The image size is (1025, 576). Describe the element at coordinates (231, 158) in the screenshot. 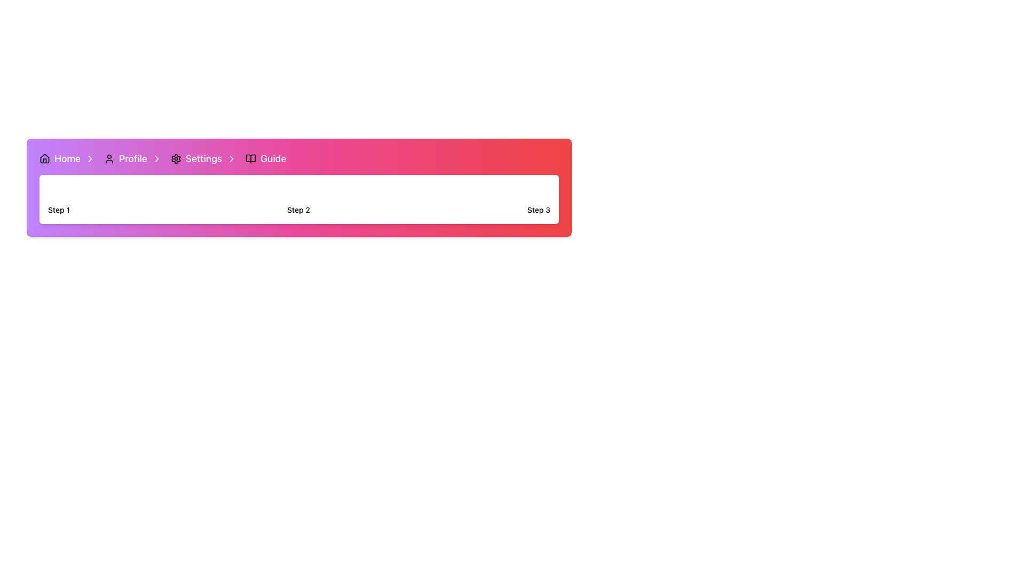

I see `the chevron SVG icon in the breadcrumb navigation bar, which is positioned between two text items and indicates its role as a separator` at that location.